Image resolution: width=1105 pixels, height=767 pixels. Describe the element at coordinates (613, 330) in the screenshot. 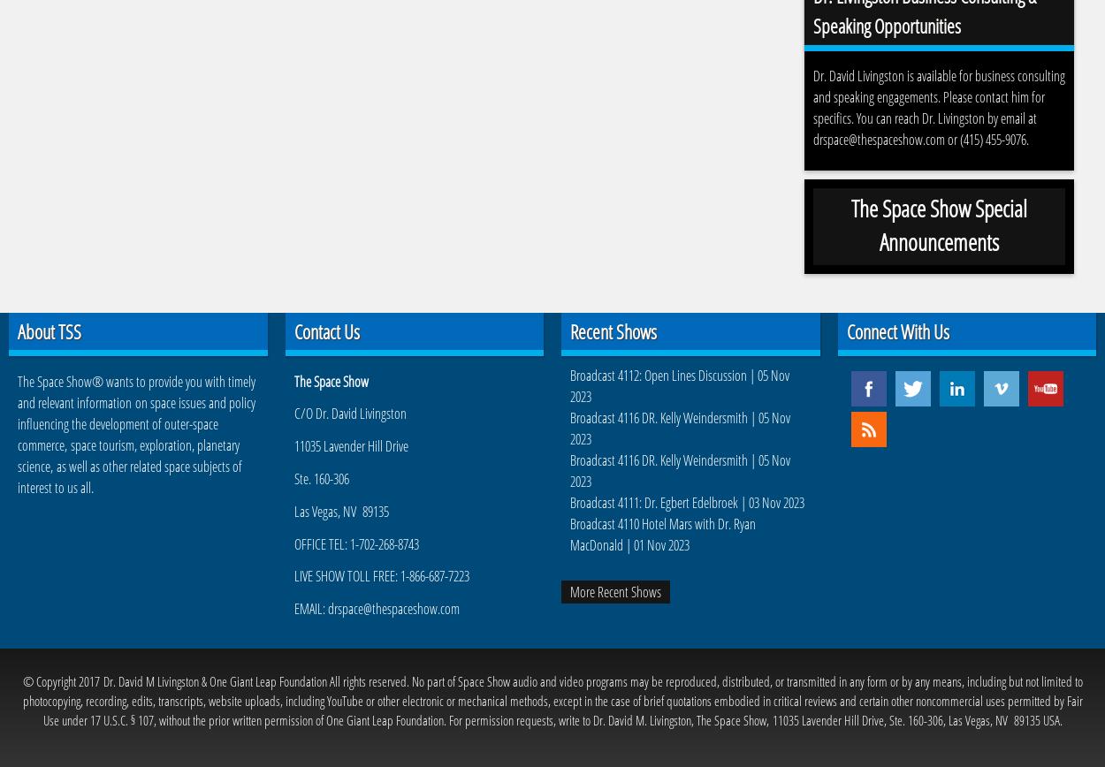

I see `'Recent Shows'` at that location.